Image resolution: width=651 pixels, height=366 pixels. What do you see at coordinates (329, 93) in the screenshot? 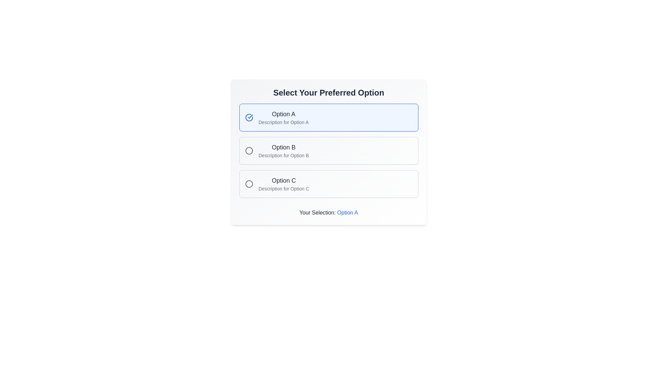
I see `the heading text element that serves as a title for the section` at bounding box center [329, 93].